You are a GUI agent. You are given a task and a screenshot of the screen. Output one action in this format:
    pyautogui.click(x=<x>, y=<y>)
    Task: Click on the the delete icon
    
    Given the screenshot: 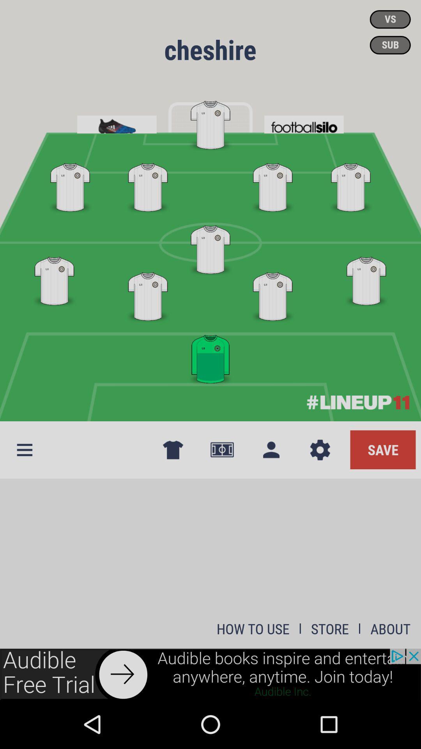 What is the action you would take?
    pyautogui.click(x=172, y=450)
    